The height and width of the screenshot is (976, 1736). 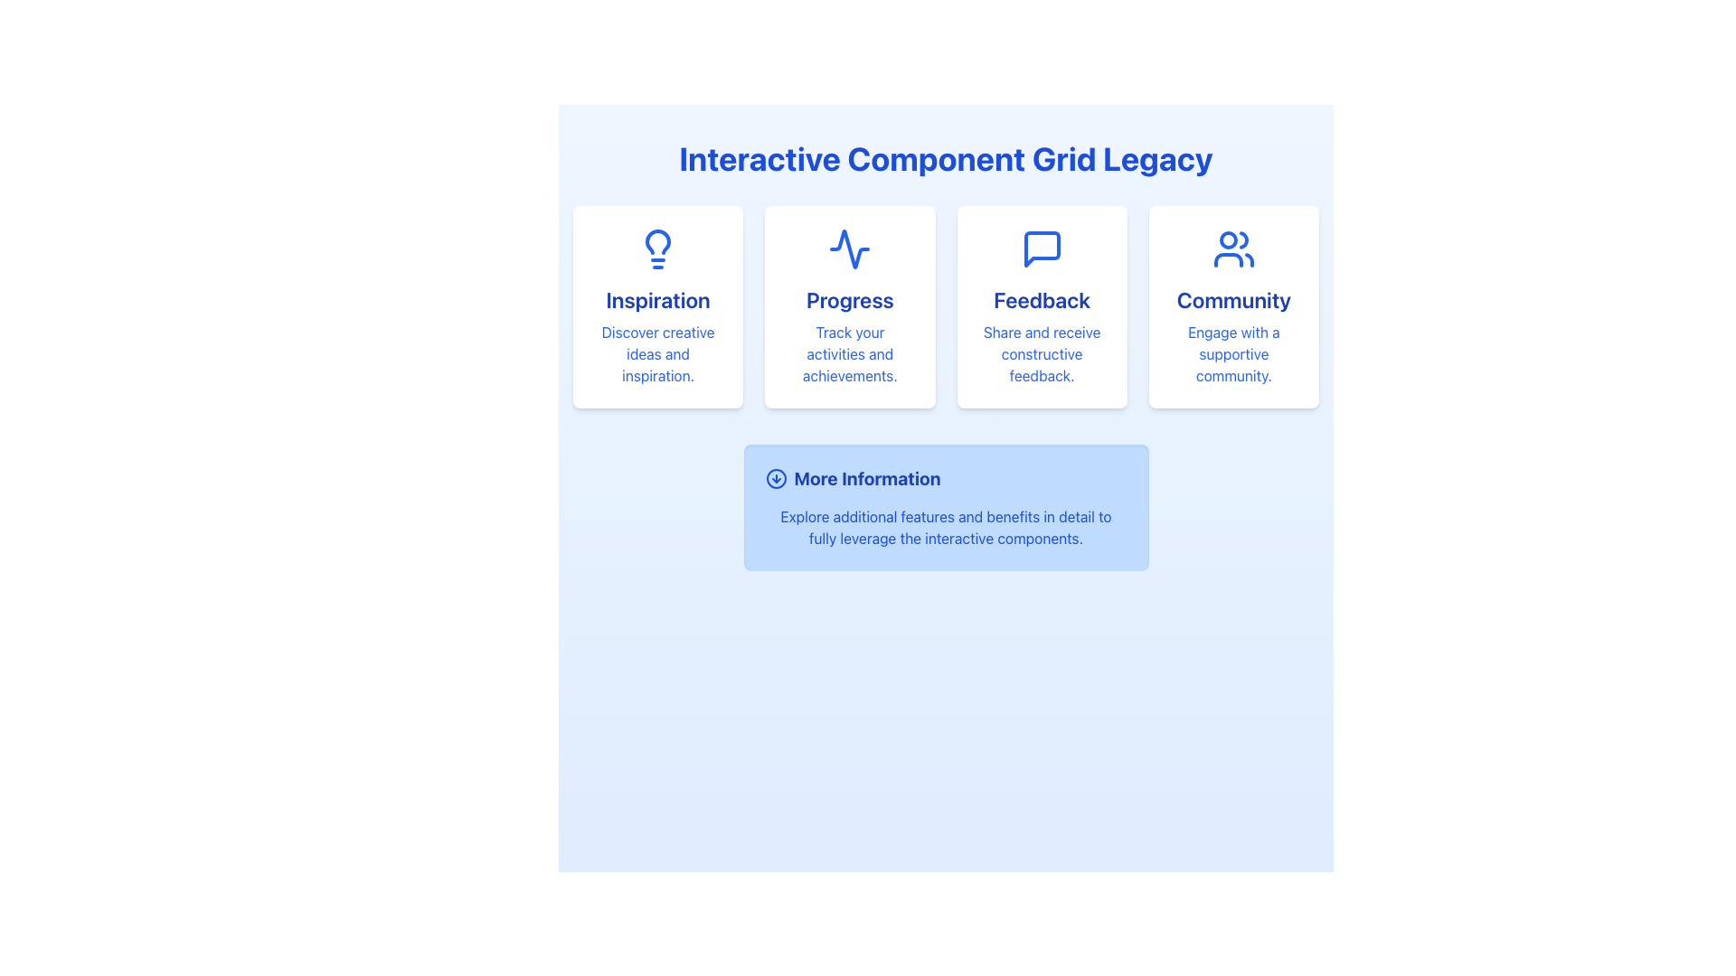 I want to click on the Informational Card element titled 'Community' which features a blue users icon and a description 'Engage with a supportive community.' It is the fourth card in a grid layout, located in the top-right corner after the 'Feedback' card, so click(x=1232, y=305).